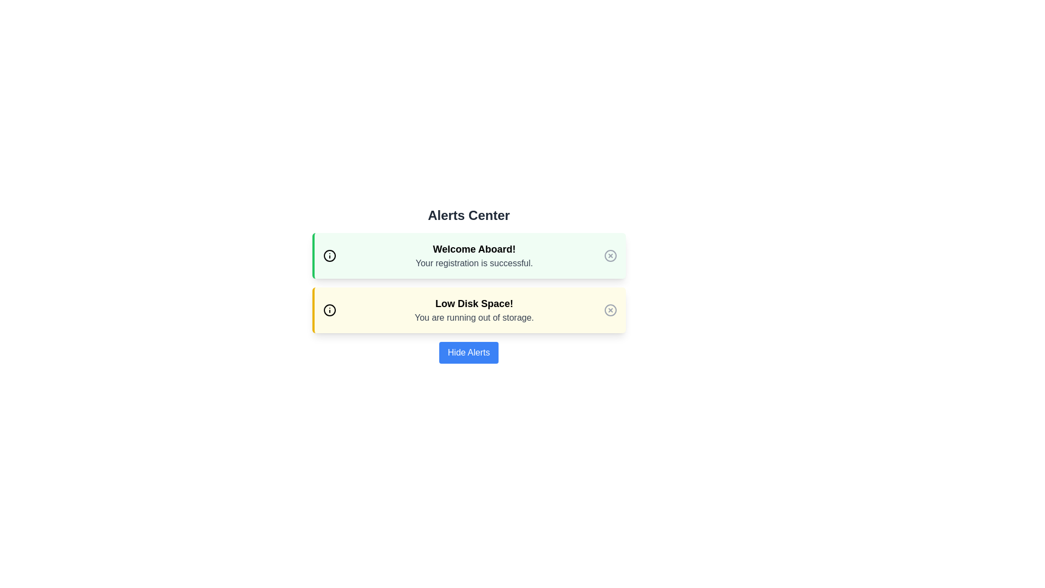  Describe the element at coordinates (469, 310) in the screenshot. I see `warning message from the second notification box in the Alerts Center about low disk space` at that location.